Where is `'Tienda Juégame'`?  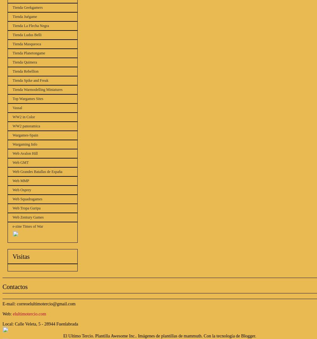
'Tienda Juégame' is located at coordinates (25, 17).